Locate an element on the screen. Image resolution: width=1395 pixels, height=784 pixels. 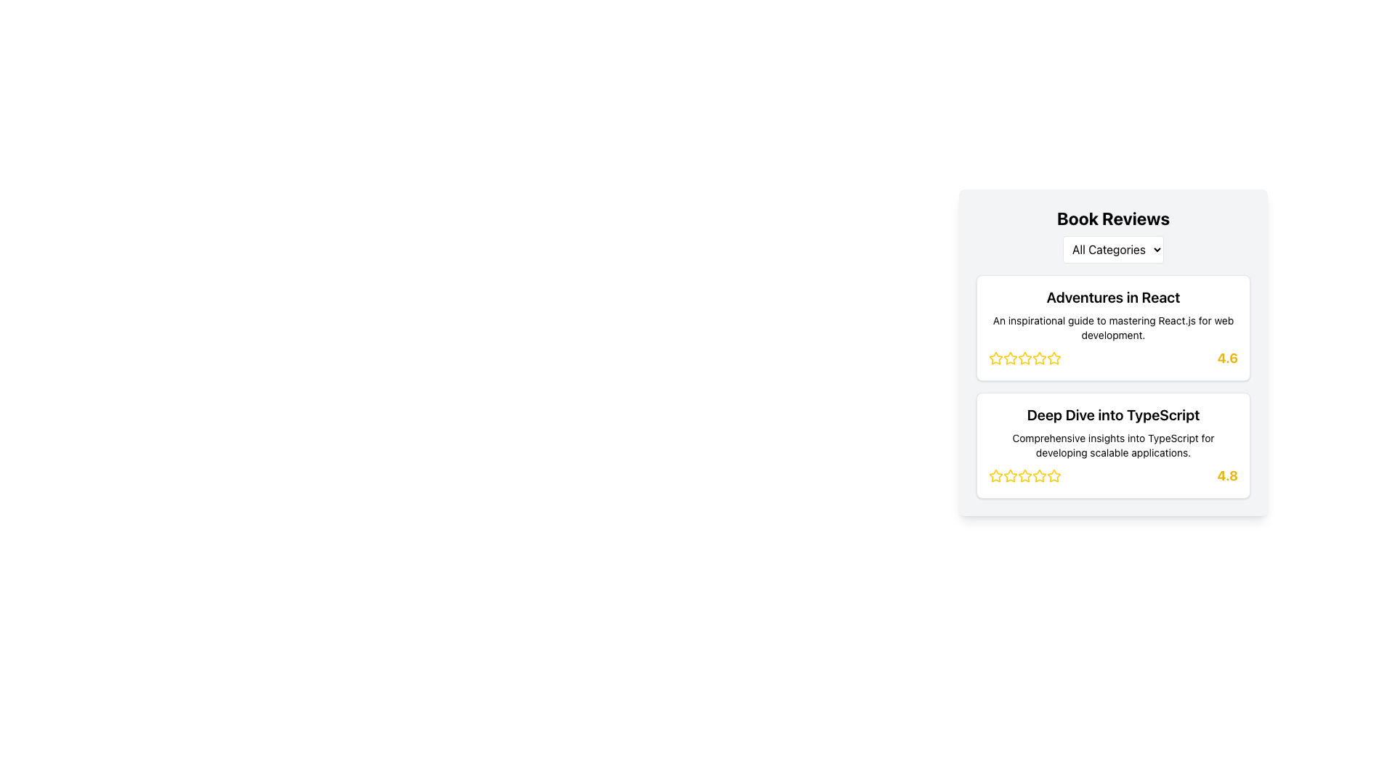
the second star icon in the rating system for the book 'Deep Dive into TypeScript' is located at coordinates (1010, 475).